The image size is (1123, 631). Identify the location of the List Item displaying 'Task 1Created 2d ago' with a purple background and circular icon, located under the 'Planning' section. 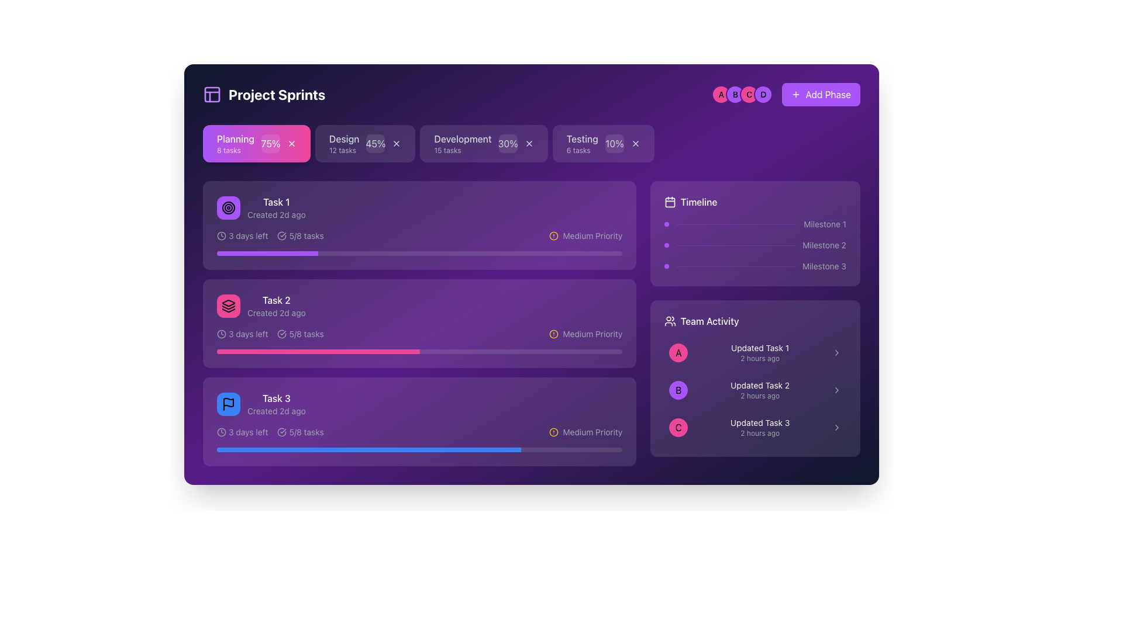
(260, 207).